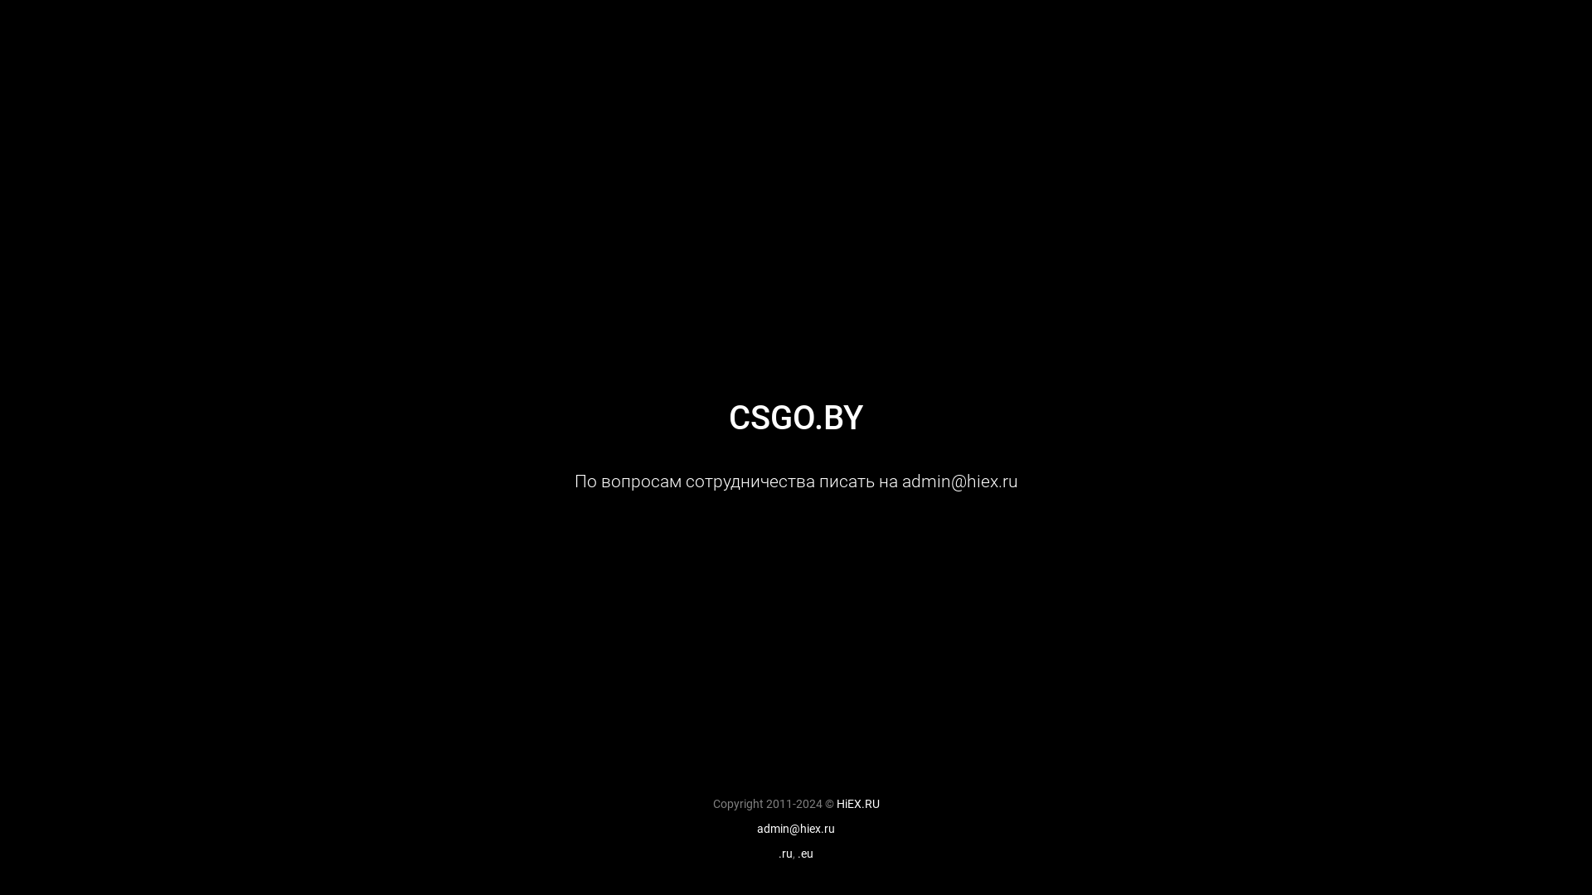 Image resolution: width=1592 pixels, height=895 pixels. I want to click on '.eu', so click(805, 853).